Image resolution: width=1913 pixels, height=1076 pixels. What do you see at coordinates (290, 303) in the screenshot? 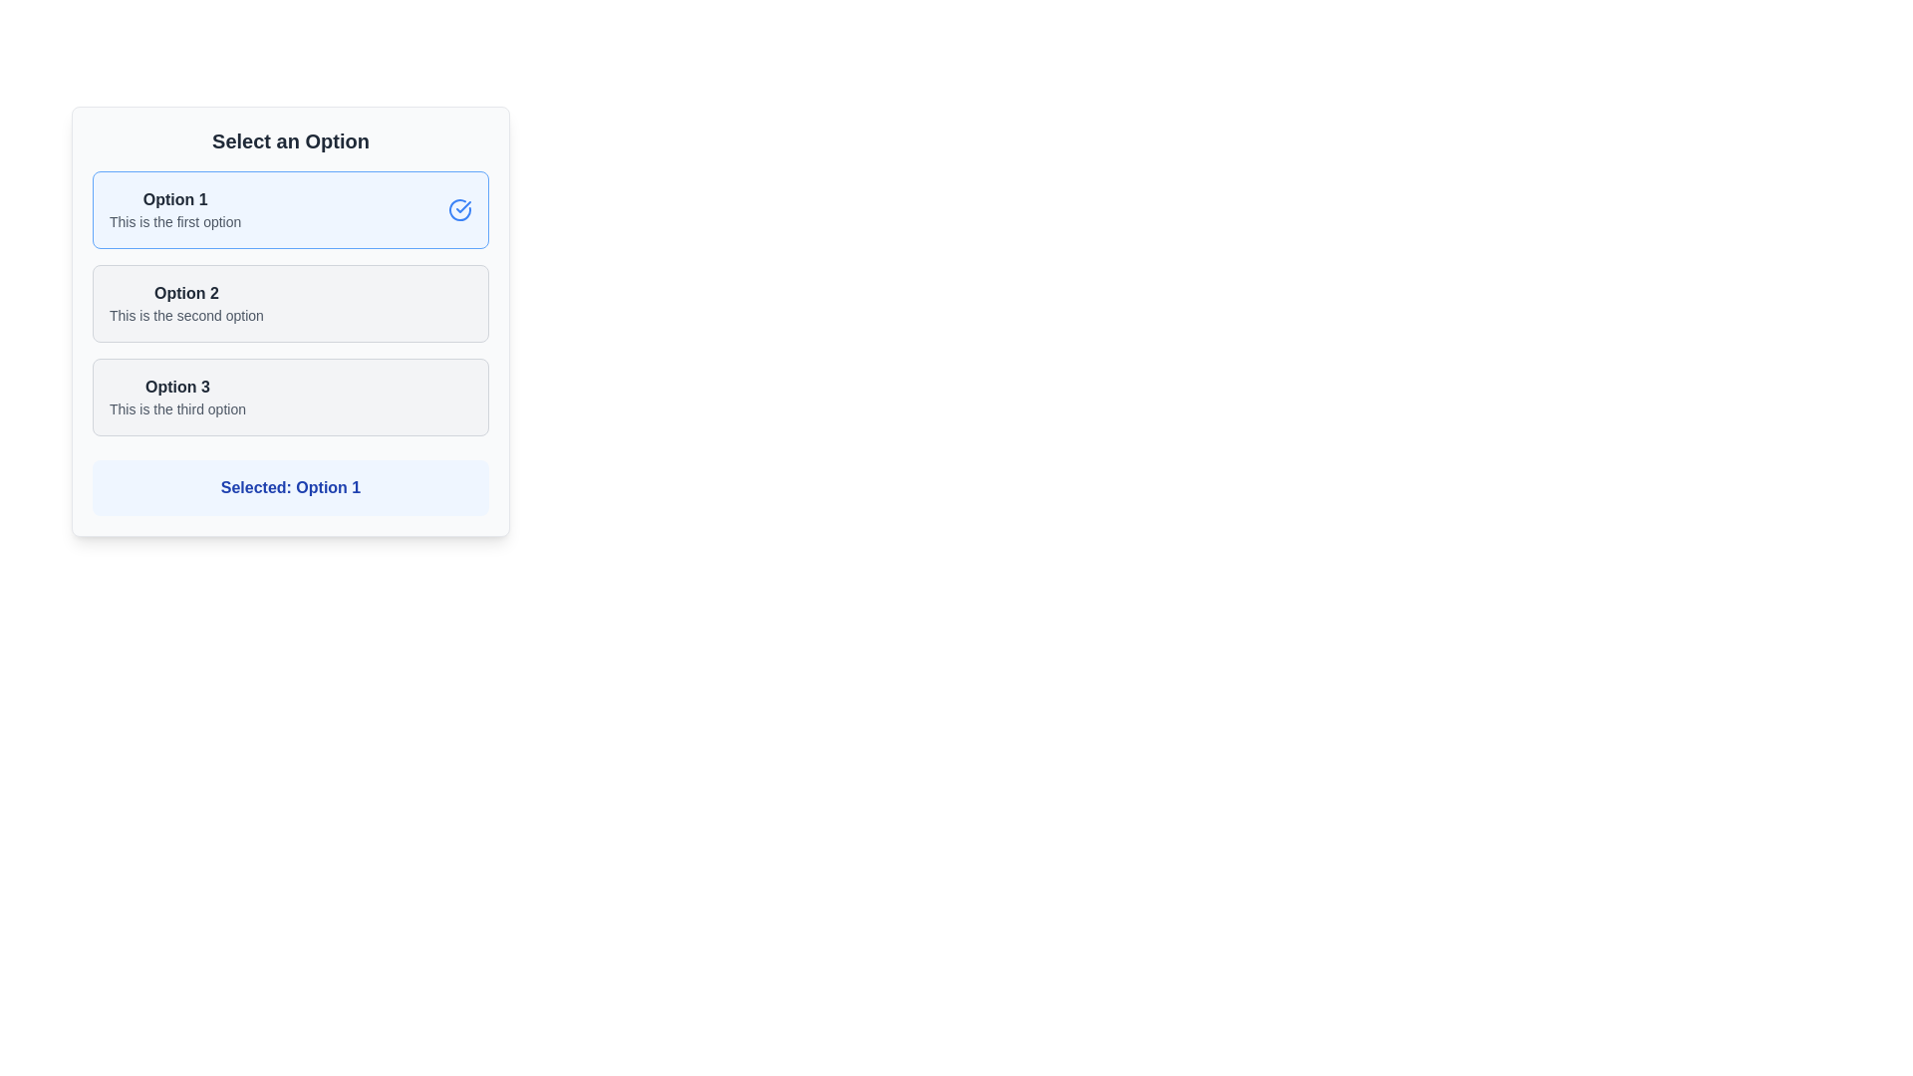
I see `the selectable option block labeled 'Option 2' with a light gray background` at bounding box center [290, 303].